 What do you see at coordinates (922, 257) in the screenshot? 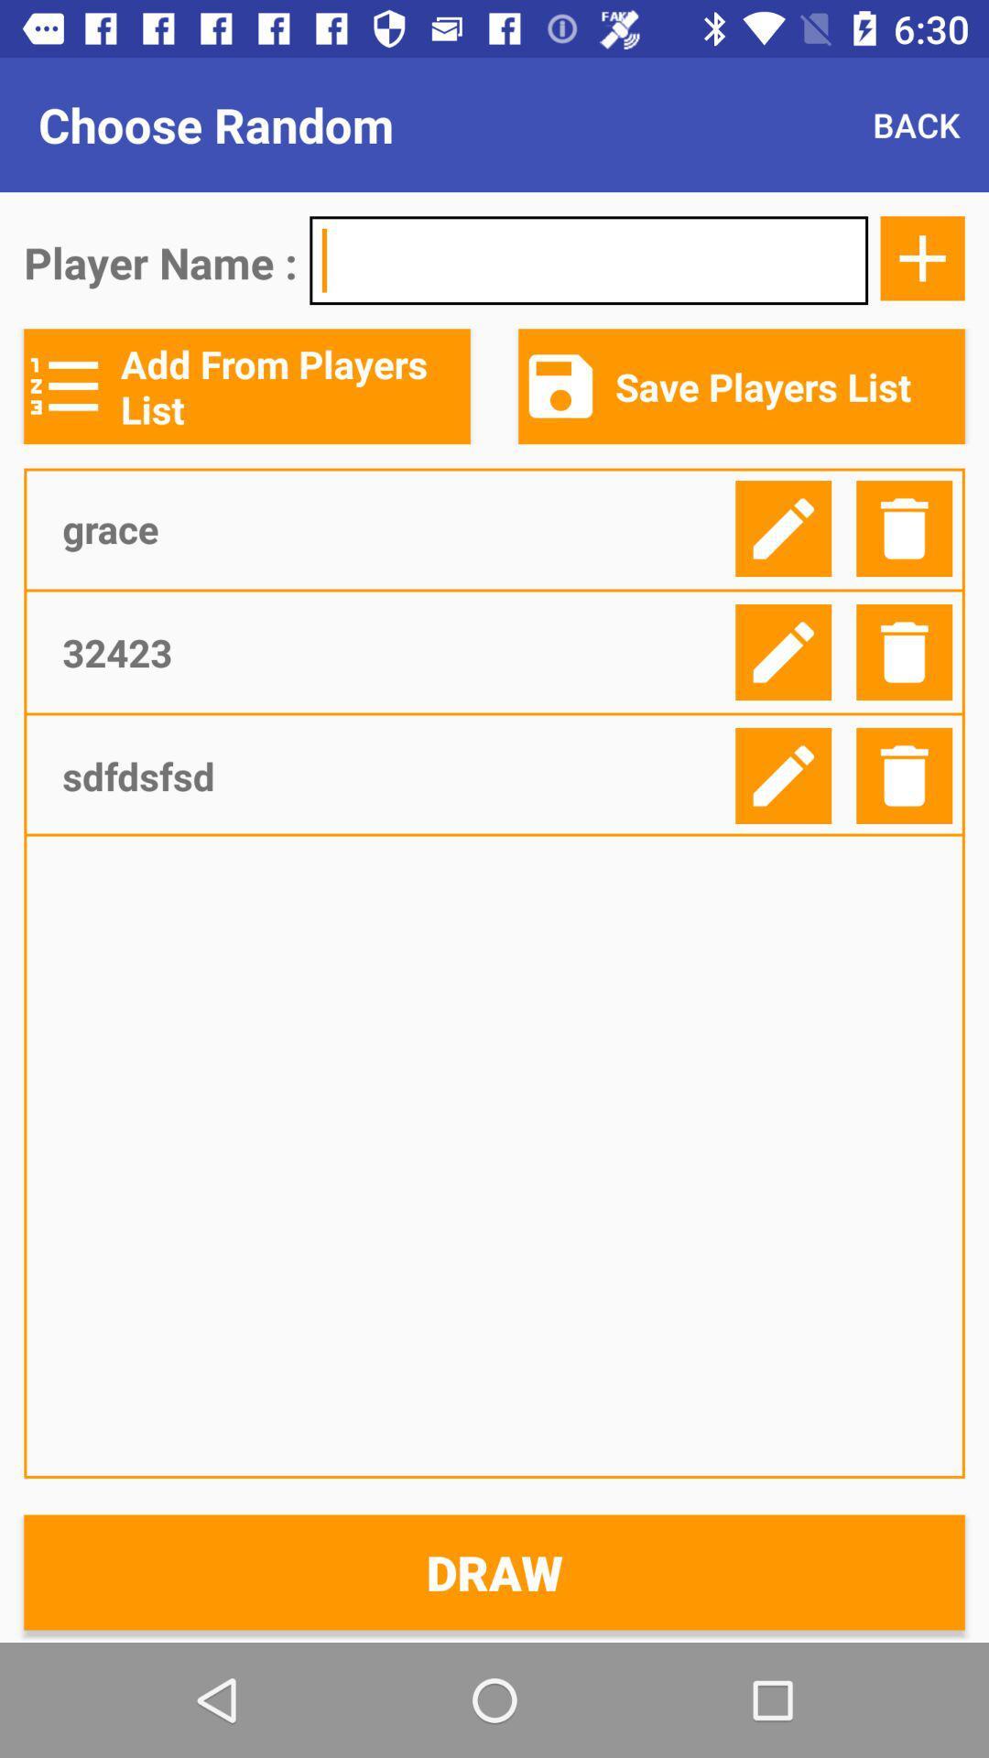
I see `the add icon` at bounding box center [922, 257].